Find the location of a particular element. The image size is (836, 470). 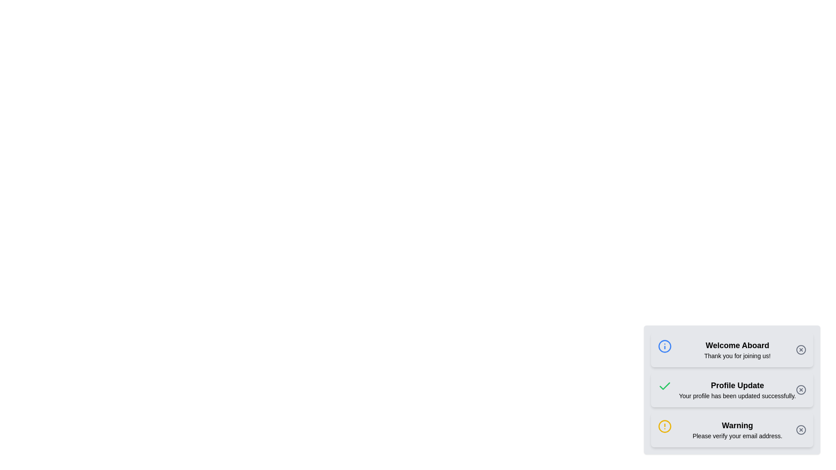

the circular close button with a cross inside it, located within the 'Profile Update' notification is located at coordinates (801, 389).